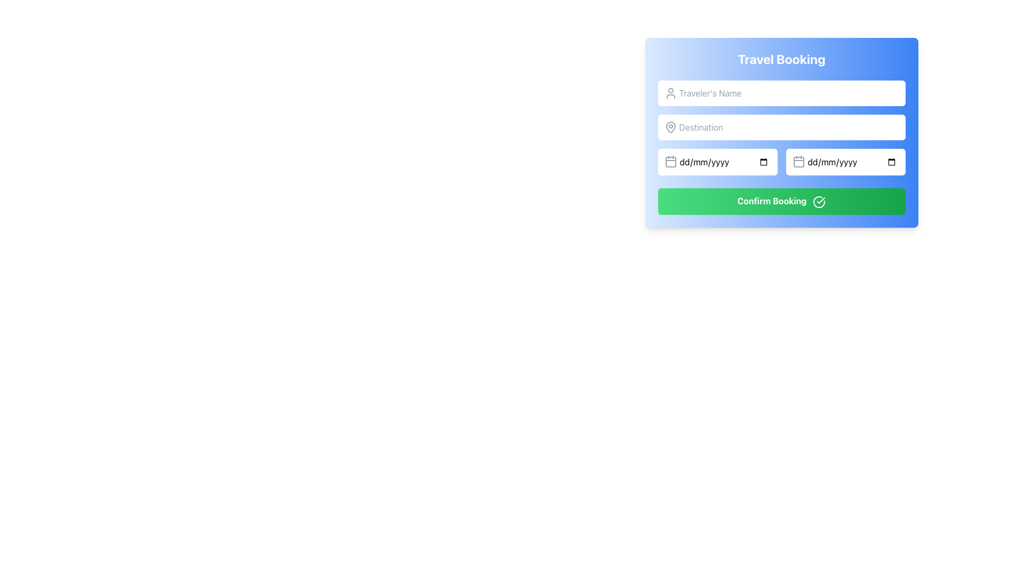 Image resolution: width=1024 pixels, height=576 pixels. I want to click on the map pin icon located in the 'Destination' input field of the travel booking form, which has a minimalistic design with gray outlines and a transparent interior, so click(670, 127).